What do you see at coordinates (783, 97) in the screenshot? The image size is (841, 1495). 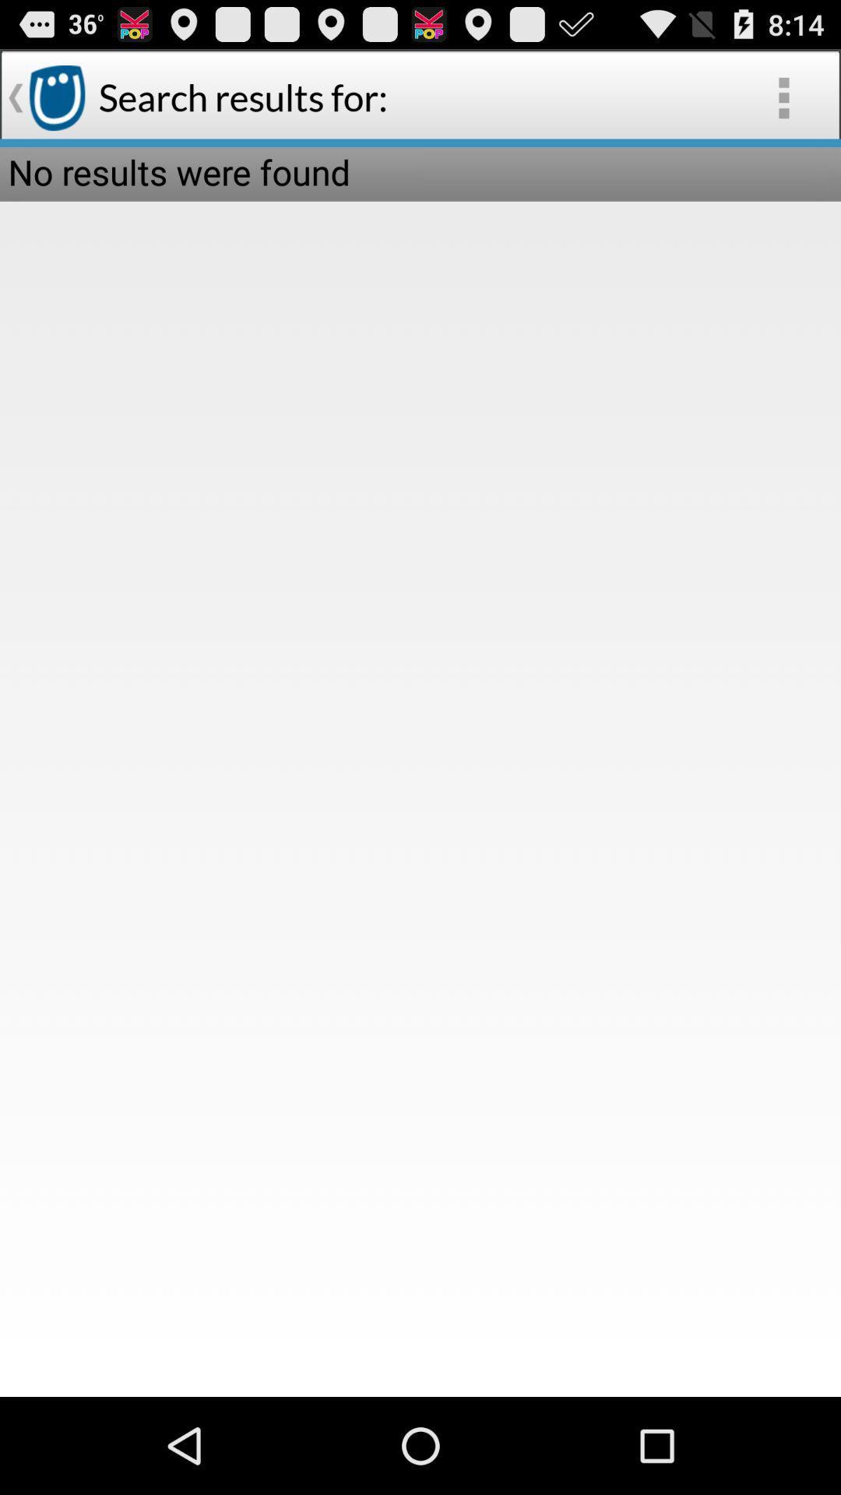 I see `the item next to search results for:  icon` at bounding box center [783, 97].